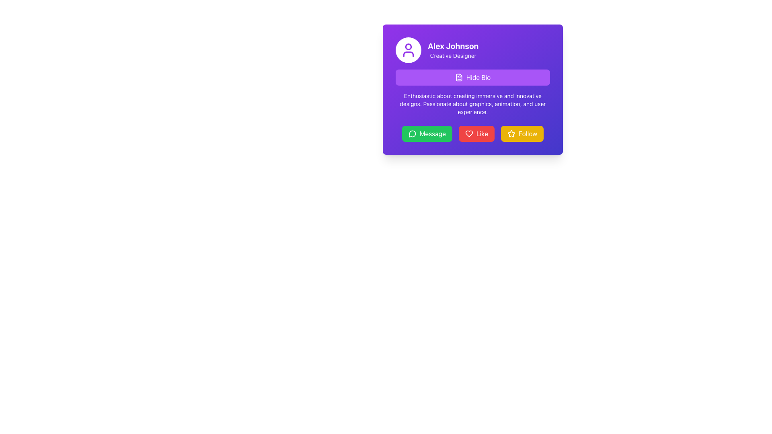 Image resolution: width=772 pixels, height=434 pixels. I want to click on descriptive text displayed in the bio section of the card titled 'Alex Johnson Creative Designer', located in the middle section below the name and title, so click(473, 92).